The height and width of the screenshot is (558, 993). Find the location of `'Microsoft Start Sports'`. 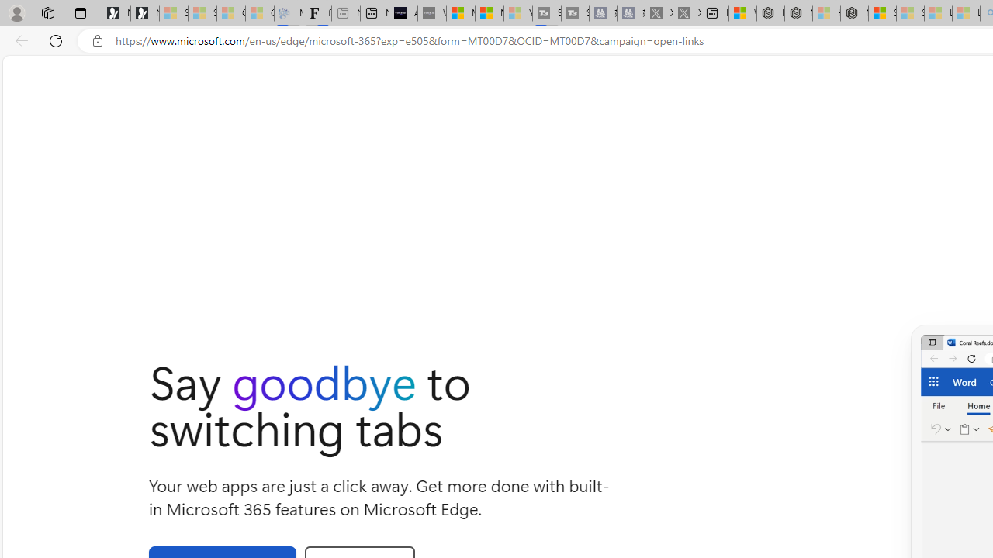

'Microsoft Start Sports' is located at coordinates (459, 13).